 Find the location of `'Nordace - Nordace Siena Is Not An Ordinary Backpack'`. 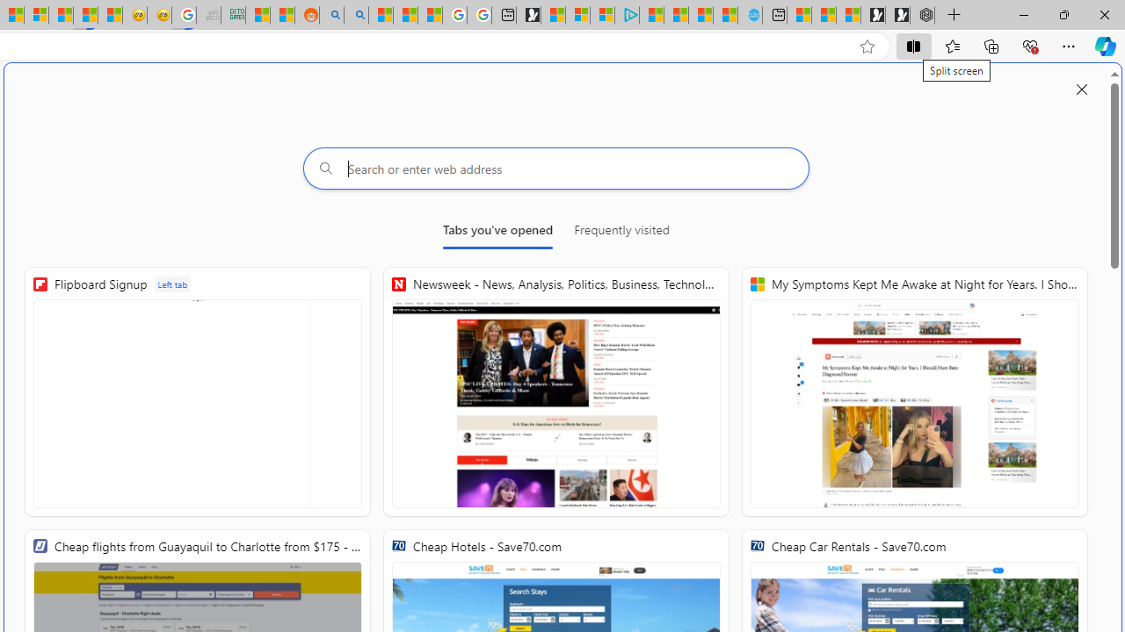

'Nordace - Nordace Siena Is Not An Ordinary Backpack' is located at coordinates (921, 15).